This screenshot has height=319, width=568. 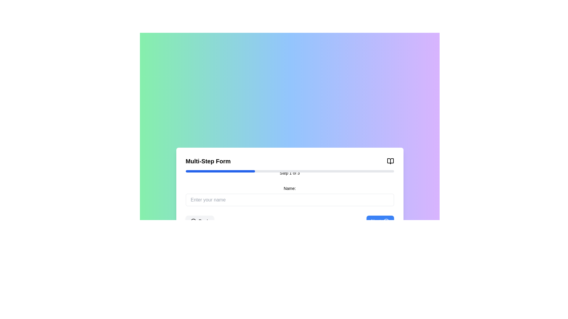 What do you see at coordinates (193, 221) in the screenshot?
I see `the circular back navigation icon with a thin black outline located within the center-left section of the 'Back' button` at bounding box center [193, 221].